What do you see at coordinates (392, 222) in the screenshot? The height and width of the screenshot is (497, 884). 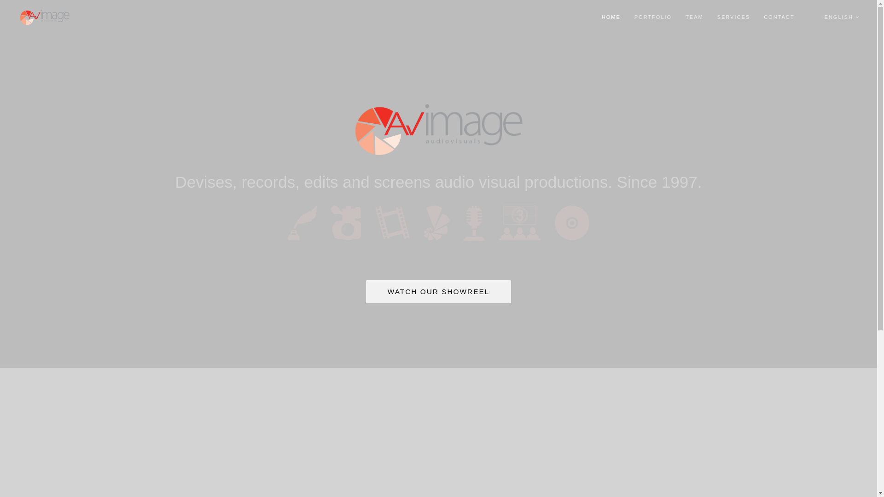 I see `'Montage'` at bounding box center [392, 222].